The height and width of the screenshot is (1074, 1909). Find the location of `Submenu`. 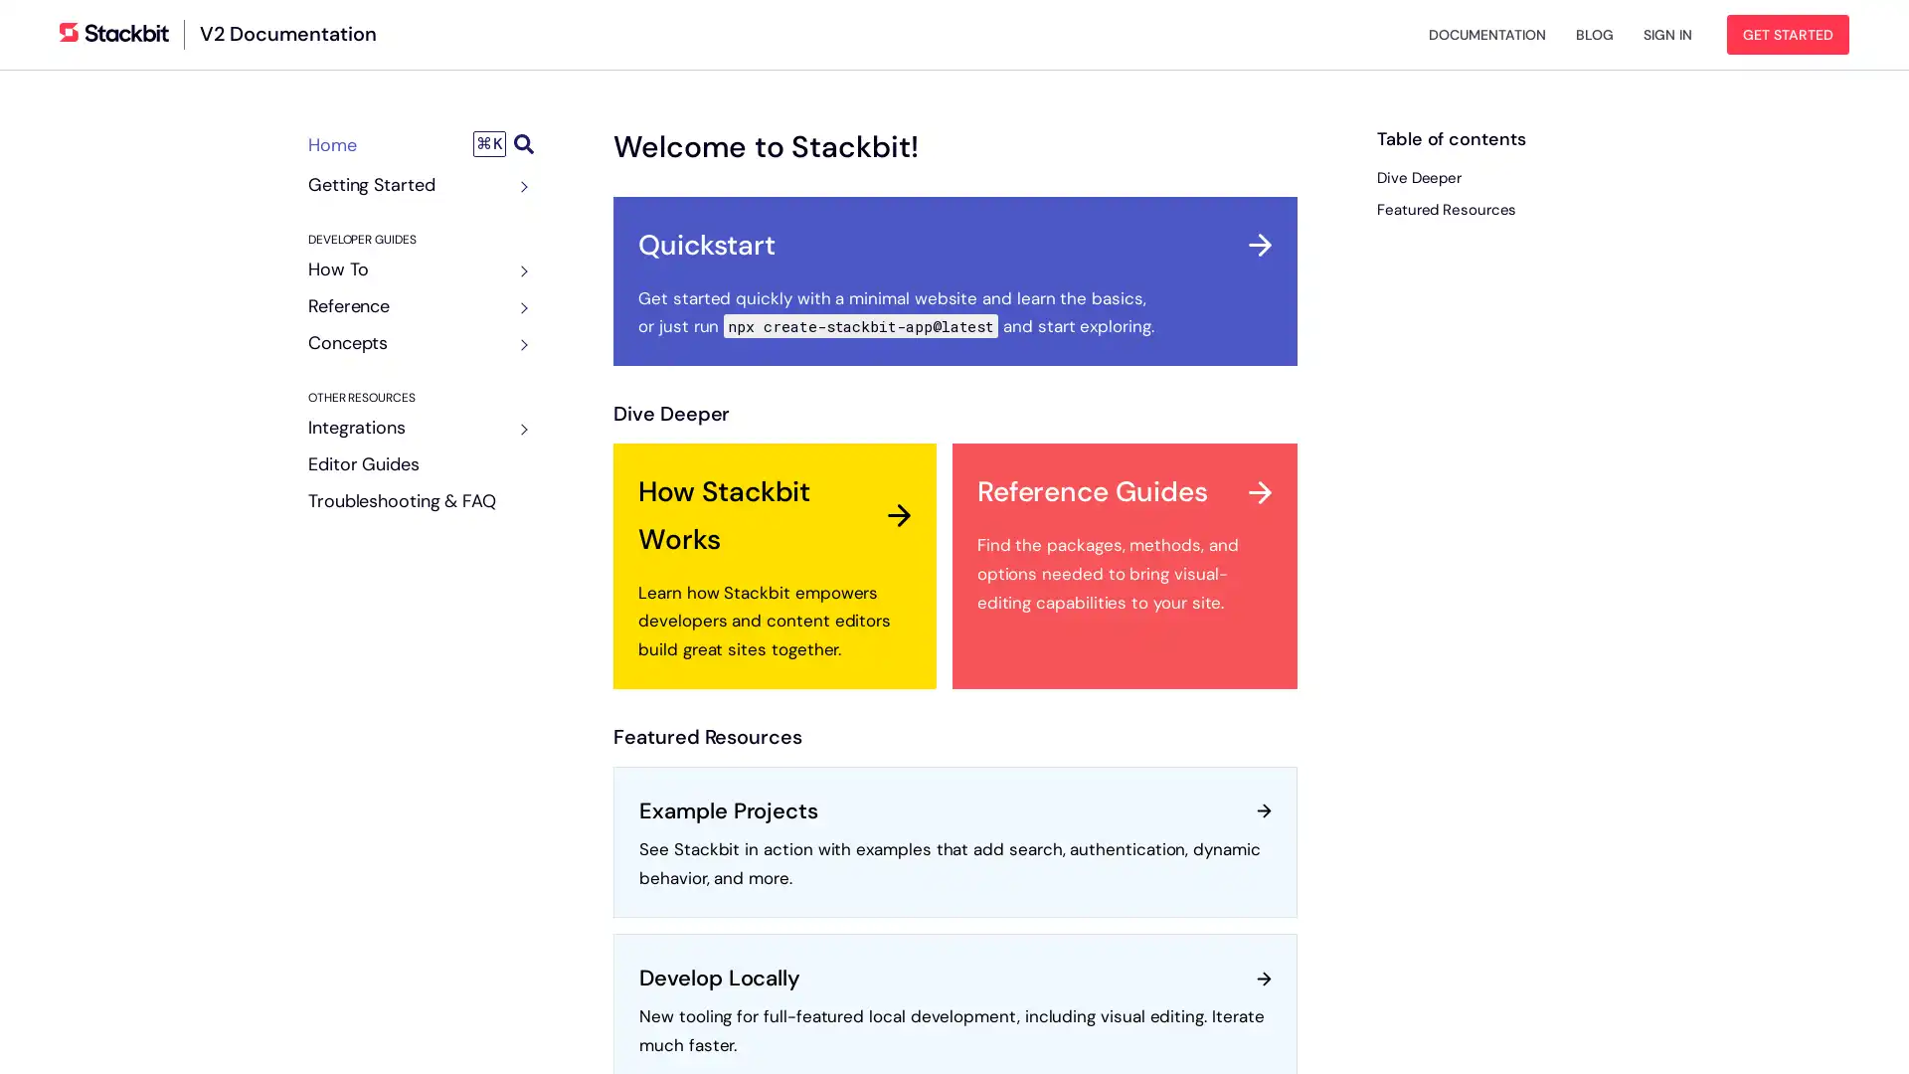

Submenu is located at coordinates (519, 344).